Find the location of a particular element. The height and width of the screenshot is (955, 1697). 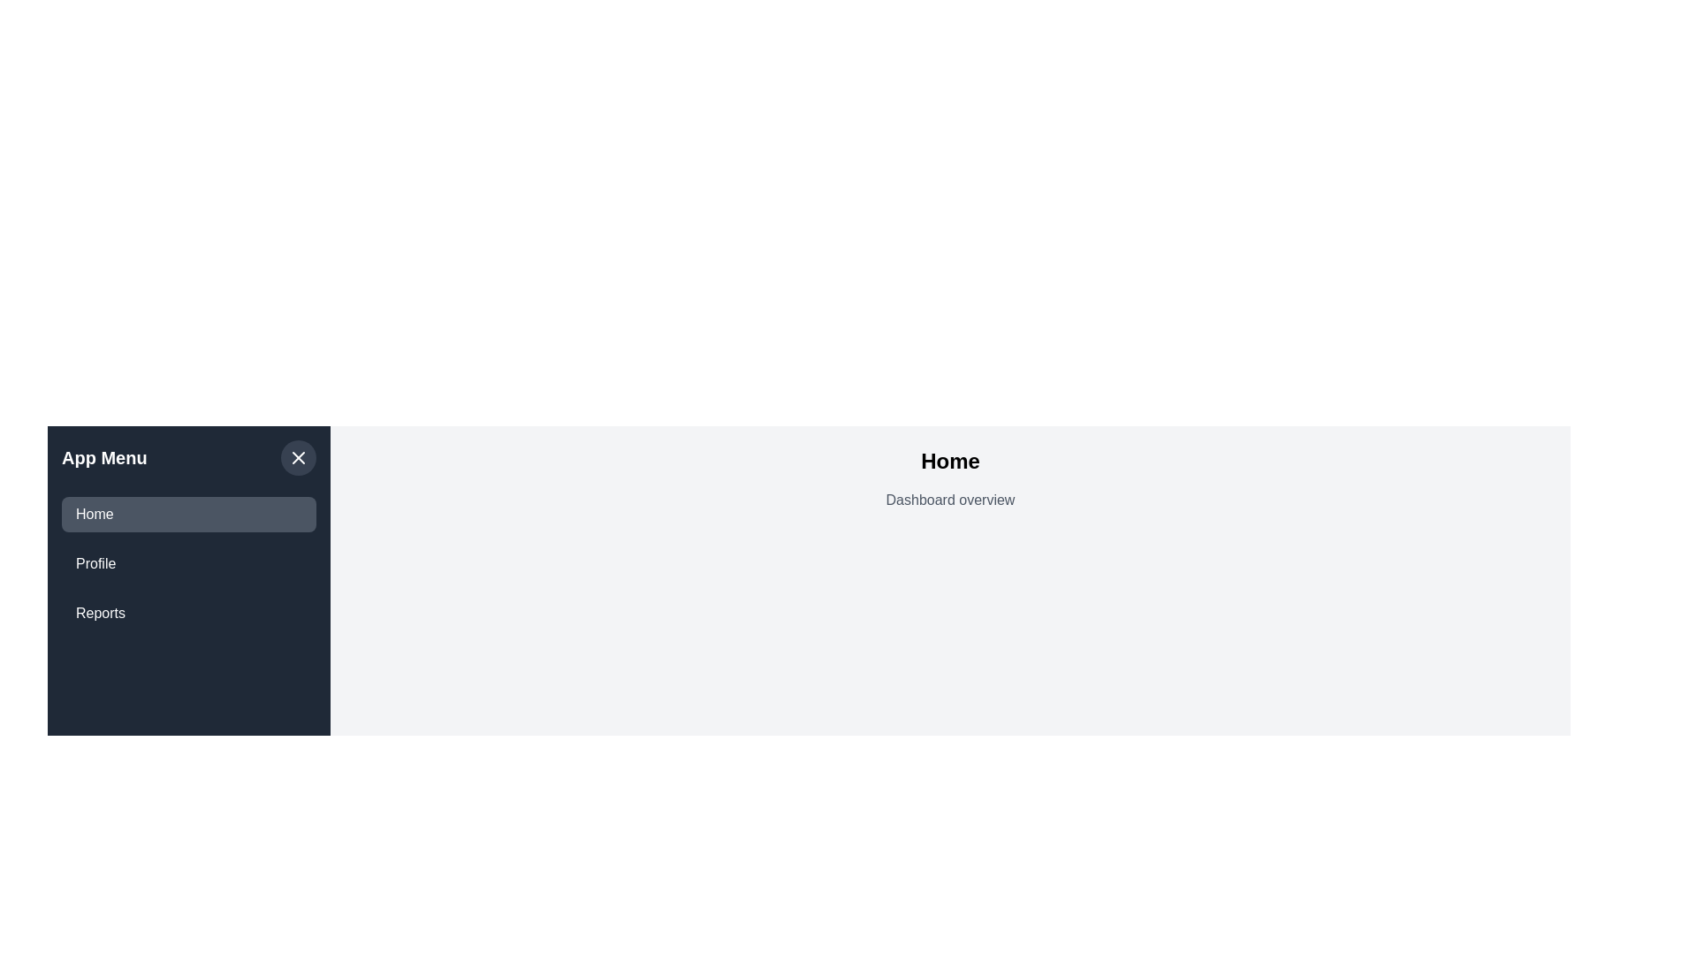

'X' button to close the drawer is located at coordinates (298, 456).